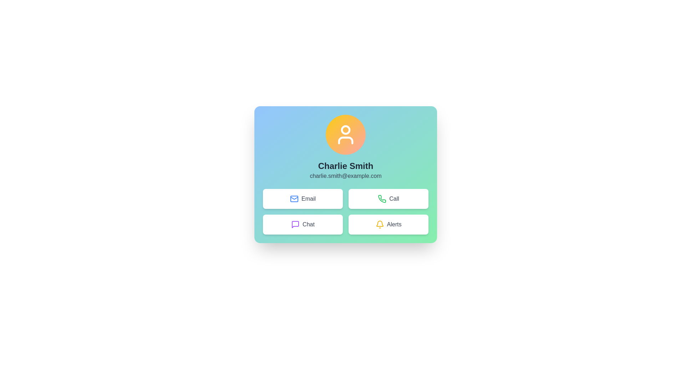 The image size is (685, 385). What do you see at coordinates (382, 199) in the screenshot?
I see `the visual hint of the phone call functionality indicated by the icon within the 'Call' button located in the upper-right corner of the user information section` at bounding box center [382, 199].